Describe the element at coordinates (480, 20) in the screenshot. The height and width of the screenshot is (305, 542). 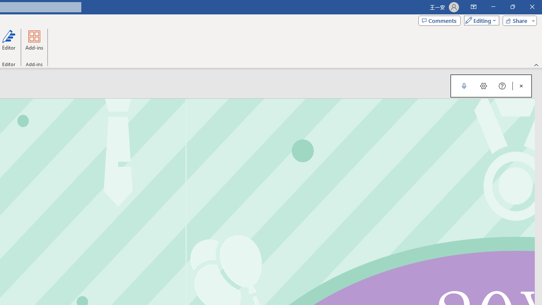
I see `'Mode'` at that location.